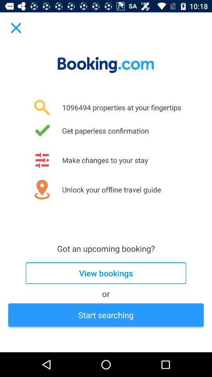  I want to click on view bookings, so click(106, 273).